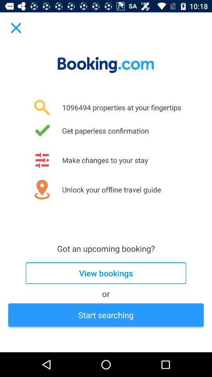  I want to click on view bookings, so click(106, 273).